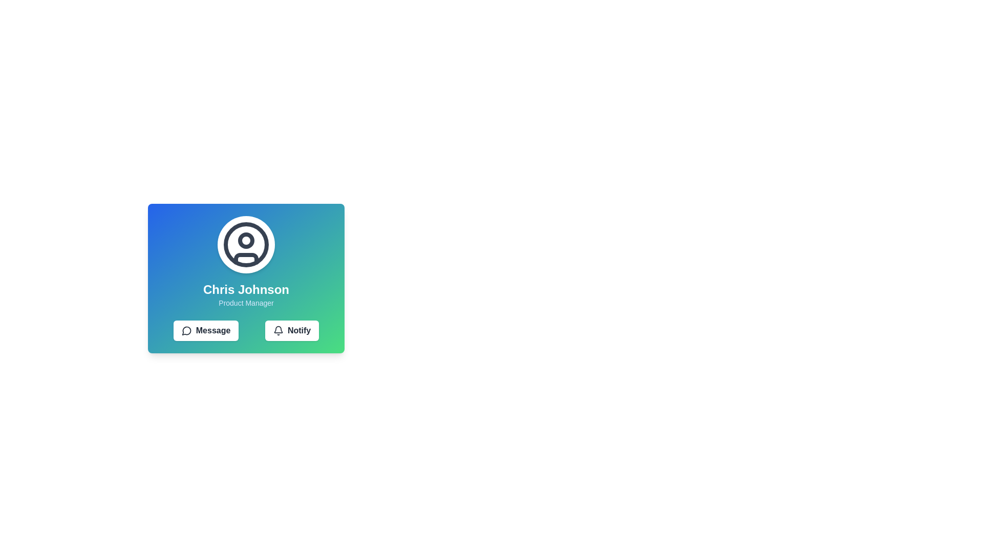 The width and height of the screenshot is (983, 553). What do you see at coordinates (246, 258) in the screenshot?
I see `the decorative graphic element located beneath the user profile icon, which is a curved rectangular bar in shades of gray` at bounding box center [246, 258].